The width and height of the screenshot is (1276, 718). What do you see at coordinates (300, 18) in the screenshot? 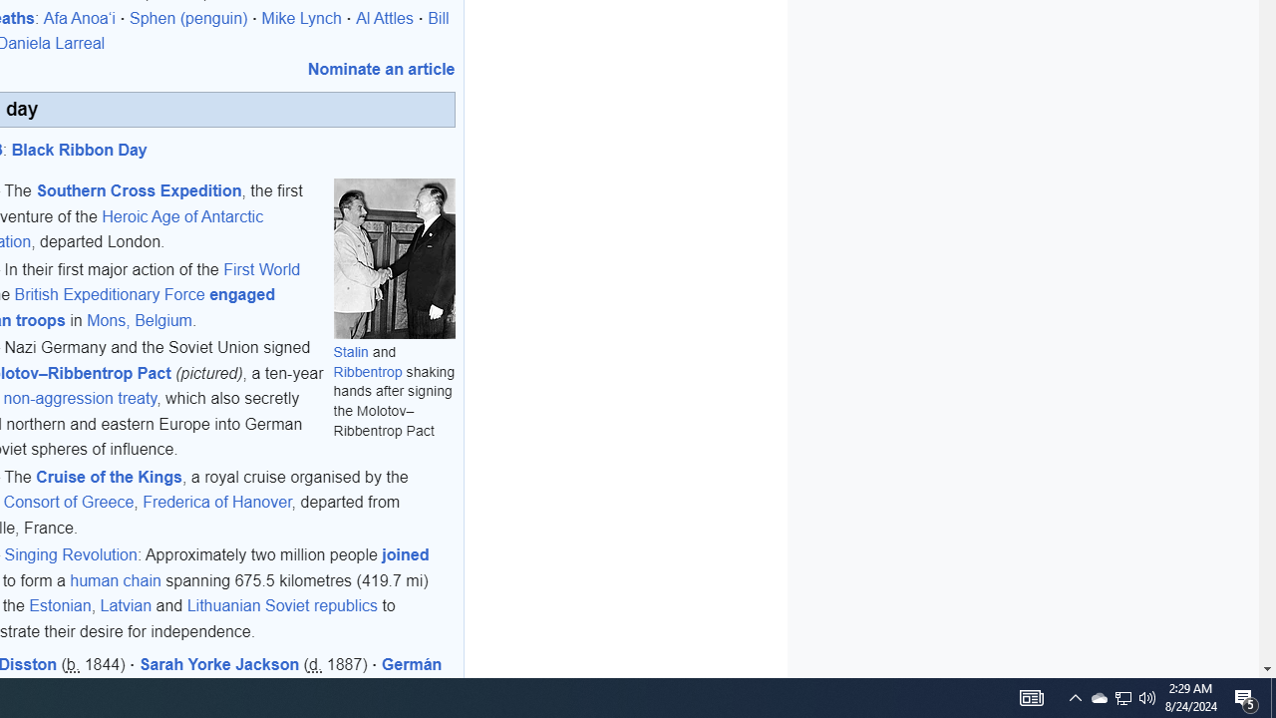
I see `'Mike Lynch'` at bounding box center [300, 18].